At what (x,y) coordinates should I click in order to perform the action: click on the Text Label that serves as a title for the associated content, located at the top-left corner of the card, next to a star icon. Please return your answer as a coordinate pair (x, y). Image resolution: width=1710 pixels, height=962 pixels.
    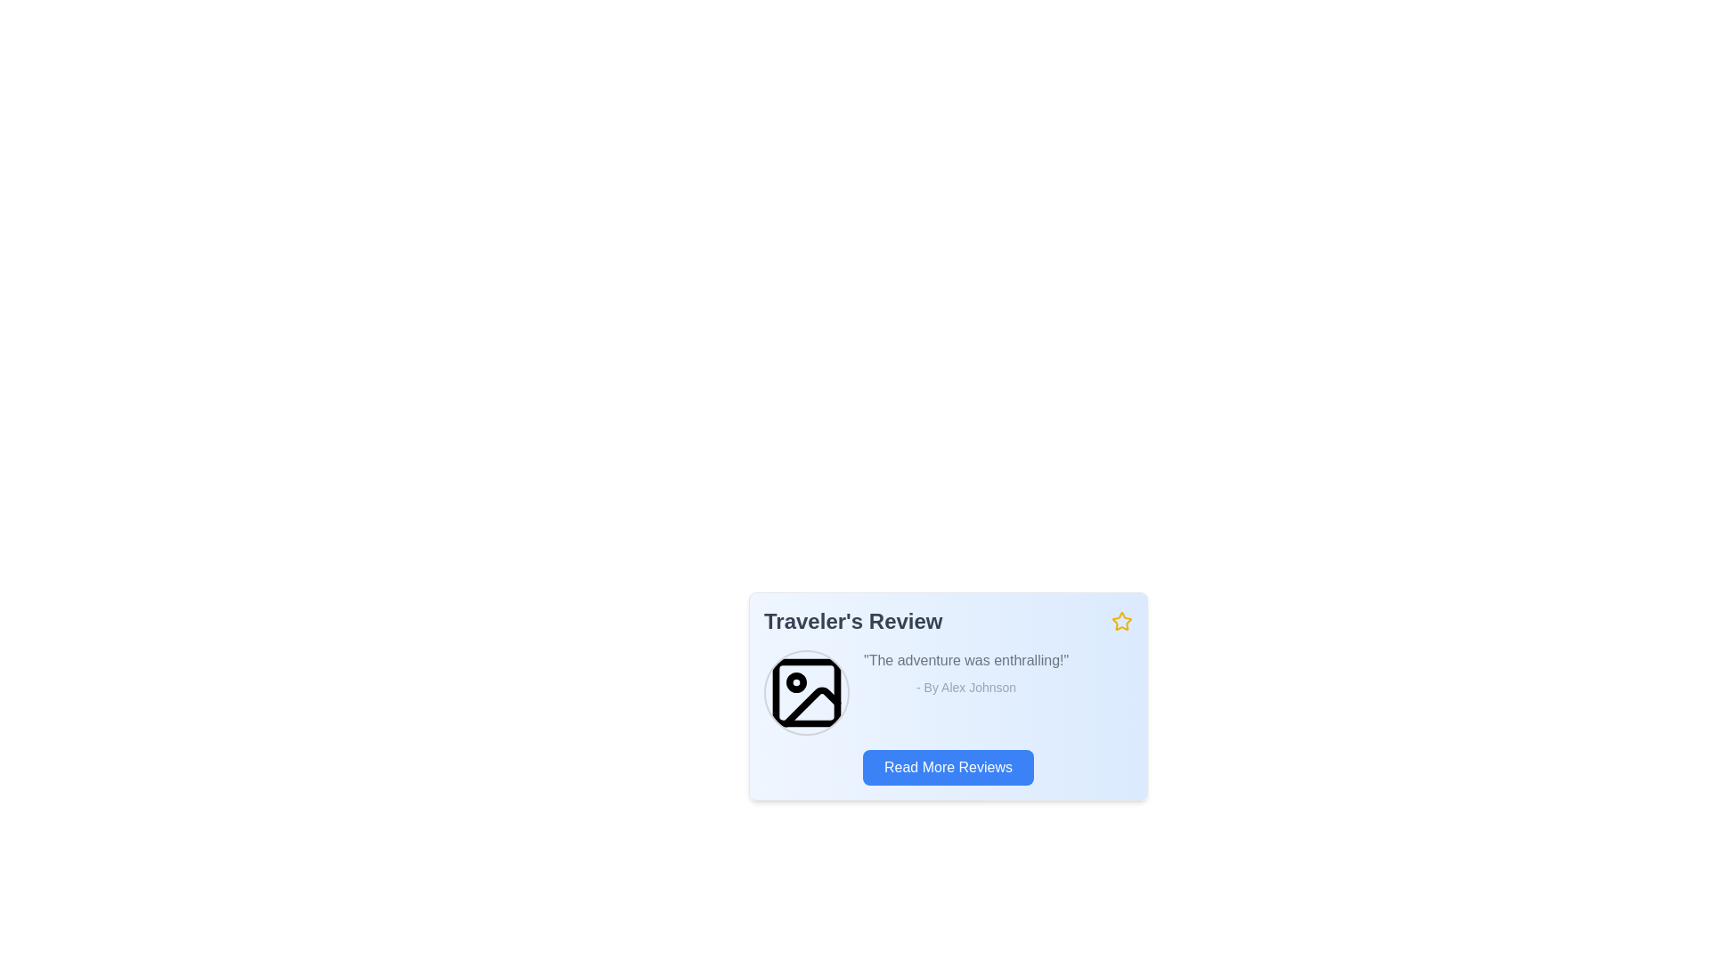
    Looking at the image, I should click on (852, 621).